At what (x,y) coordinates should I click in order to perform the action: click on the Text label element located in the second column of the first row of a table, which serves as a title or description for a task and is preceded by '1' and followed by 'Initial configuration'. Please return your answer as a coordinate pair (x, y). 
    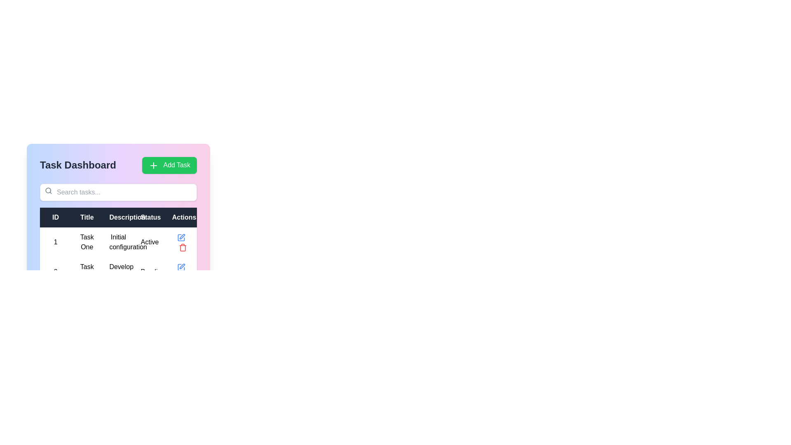
    Looking at the image, I should click on (87, 241).